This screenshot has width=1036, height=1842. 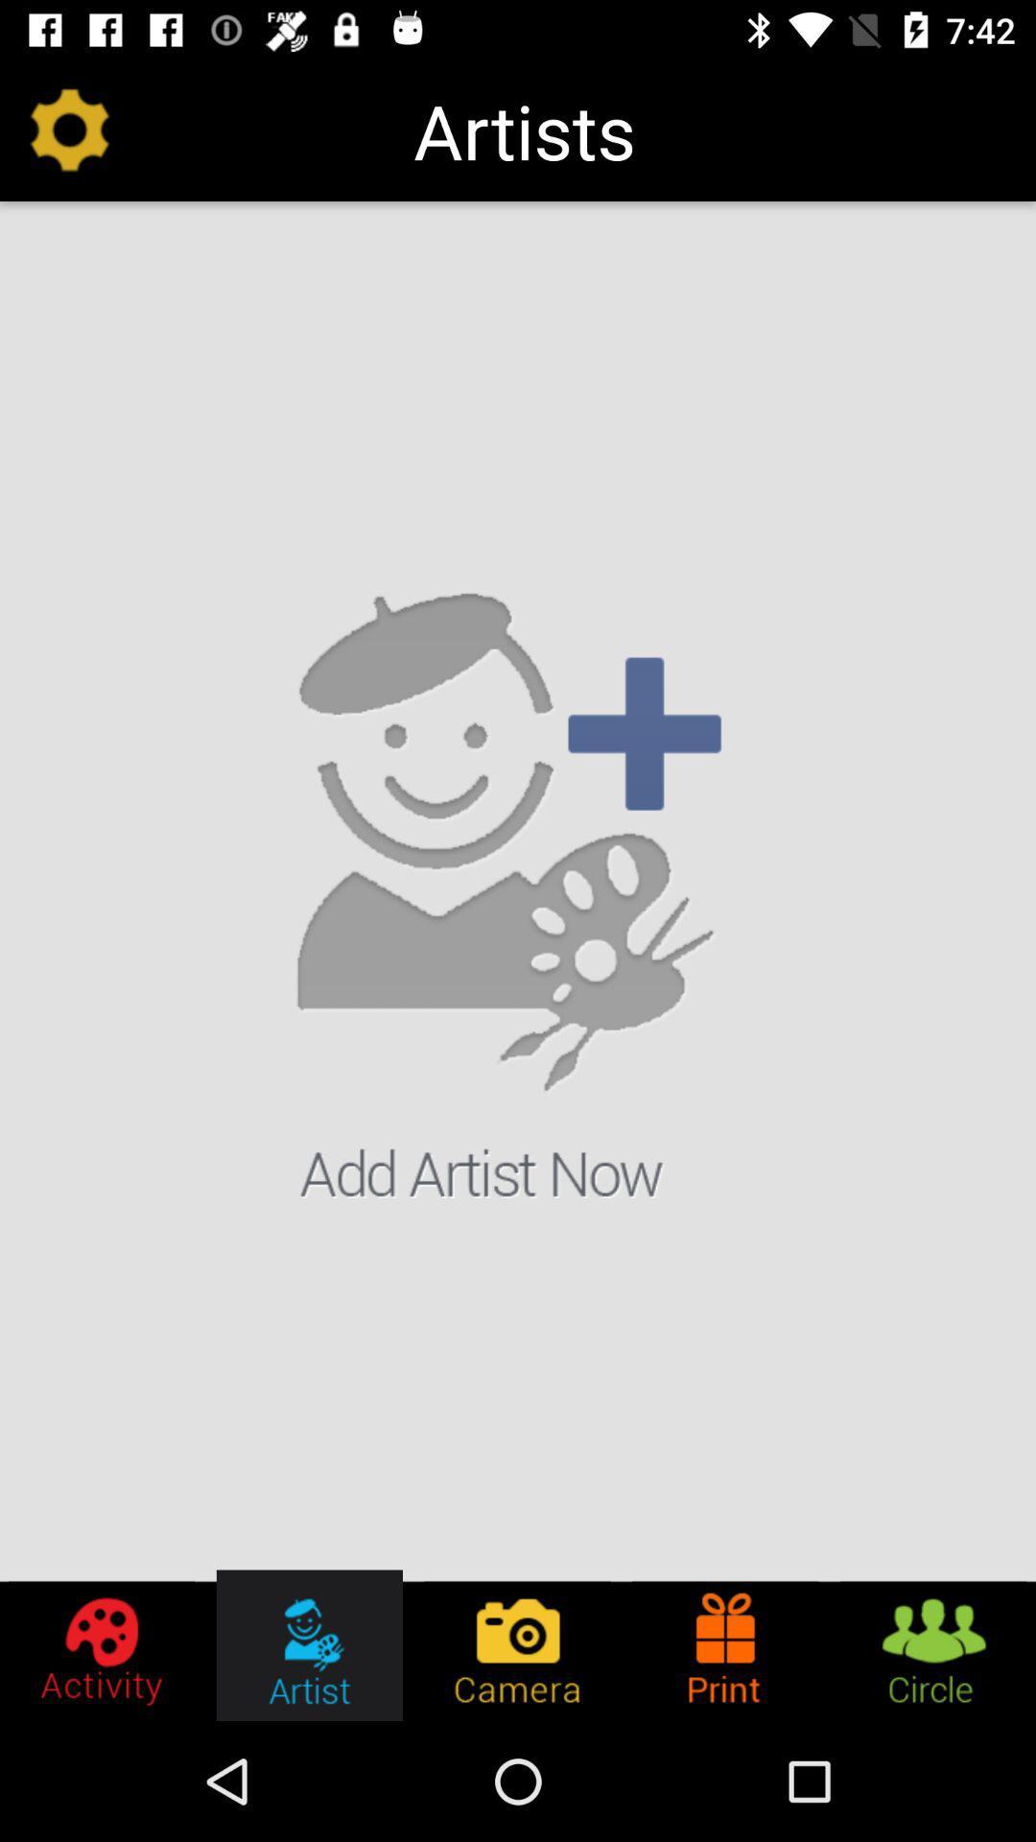 I want to click on the photo icon, so click(x=516, y=1644).